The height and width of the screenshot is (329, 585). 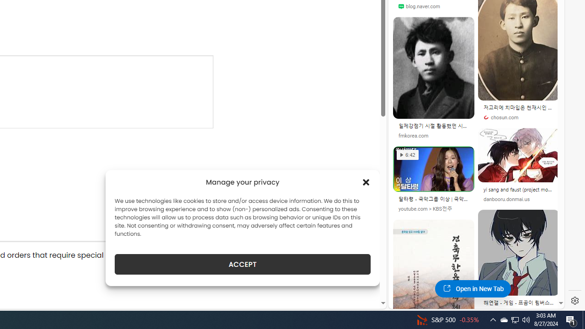 What do you see at coordinates (413, 136) in the screenshot?
I see `'fmkorea.com'` at bounding box center [413, 136].